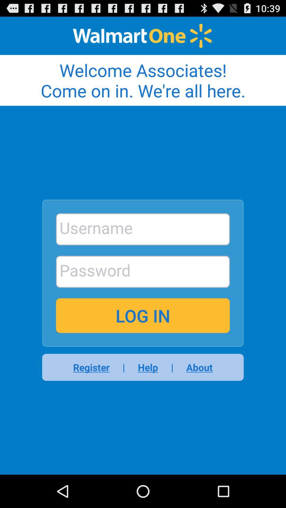 The height and width of the screenshot is (508, 286). Describe the element at coordinates (148, 367) in the screenshot. I see `help  icon` at that location.